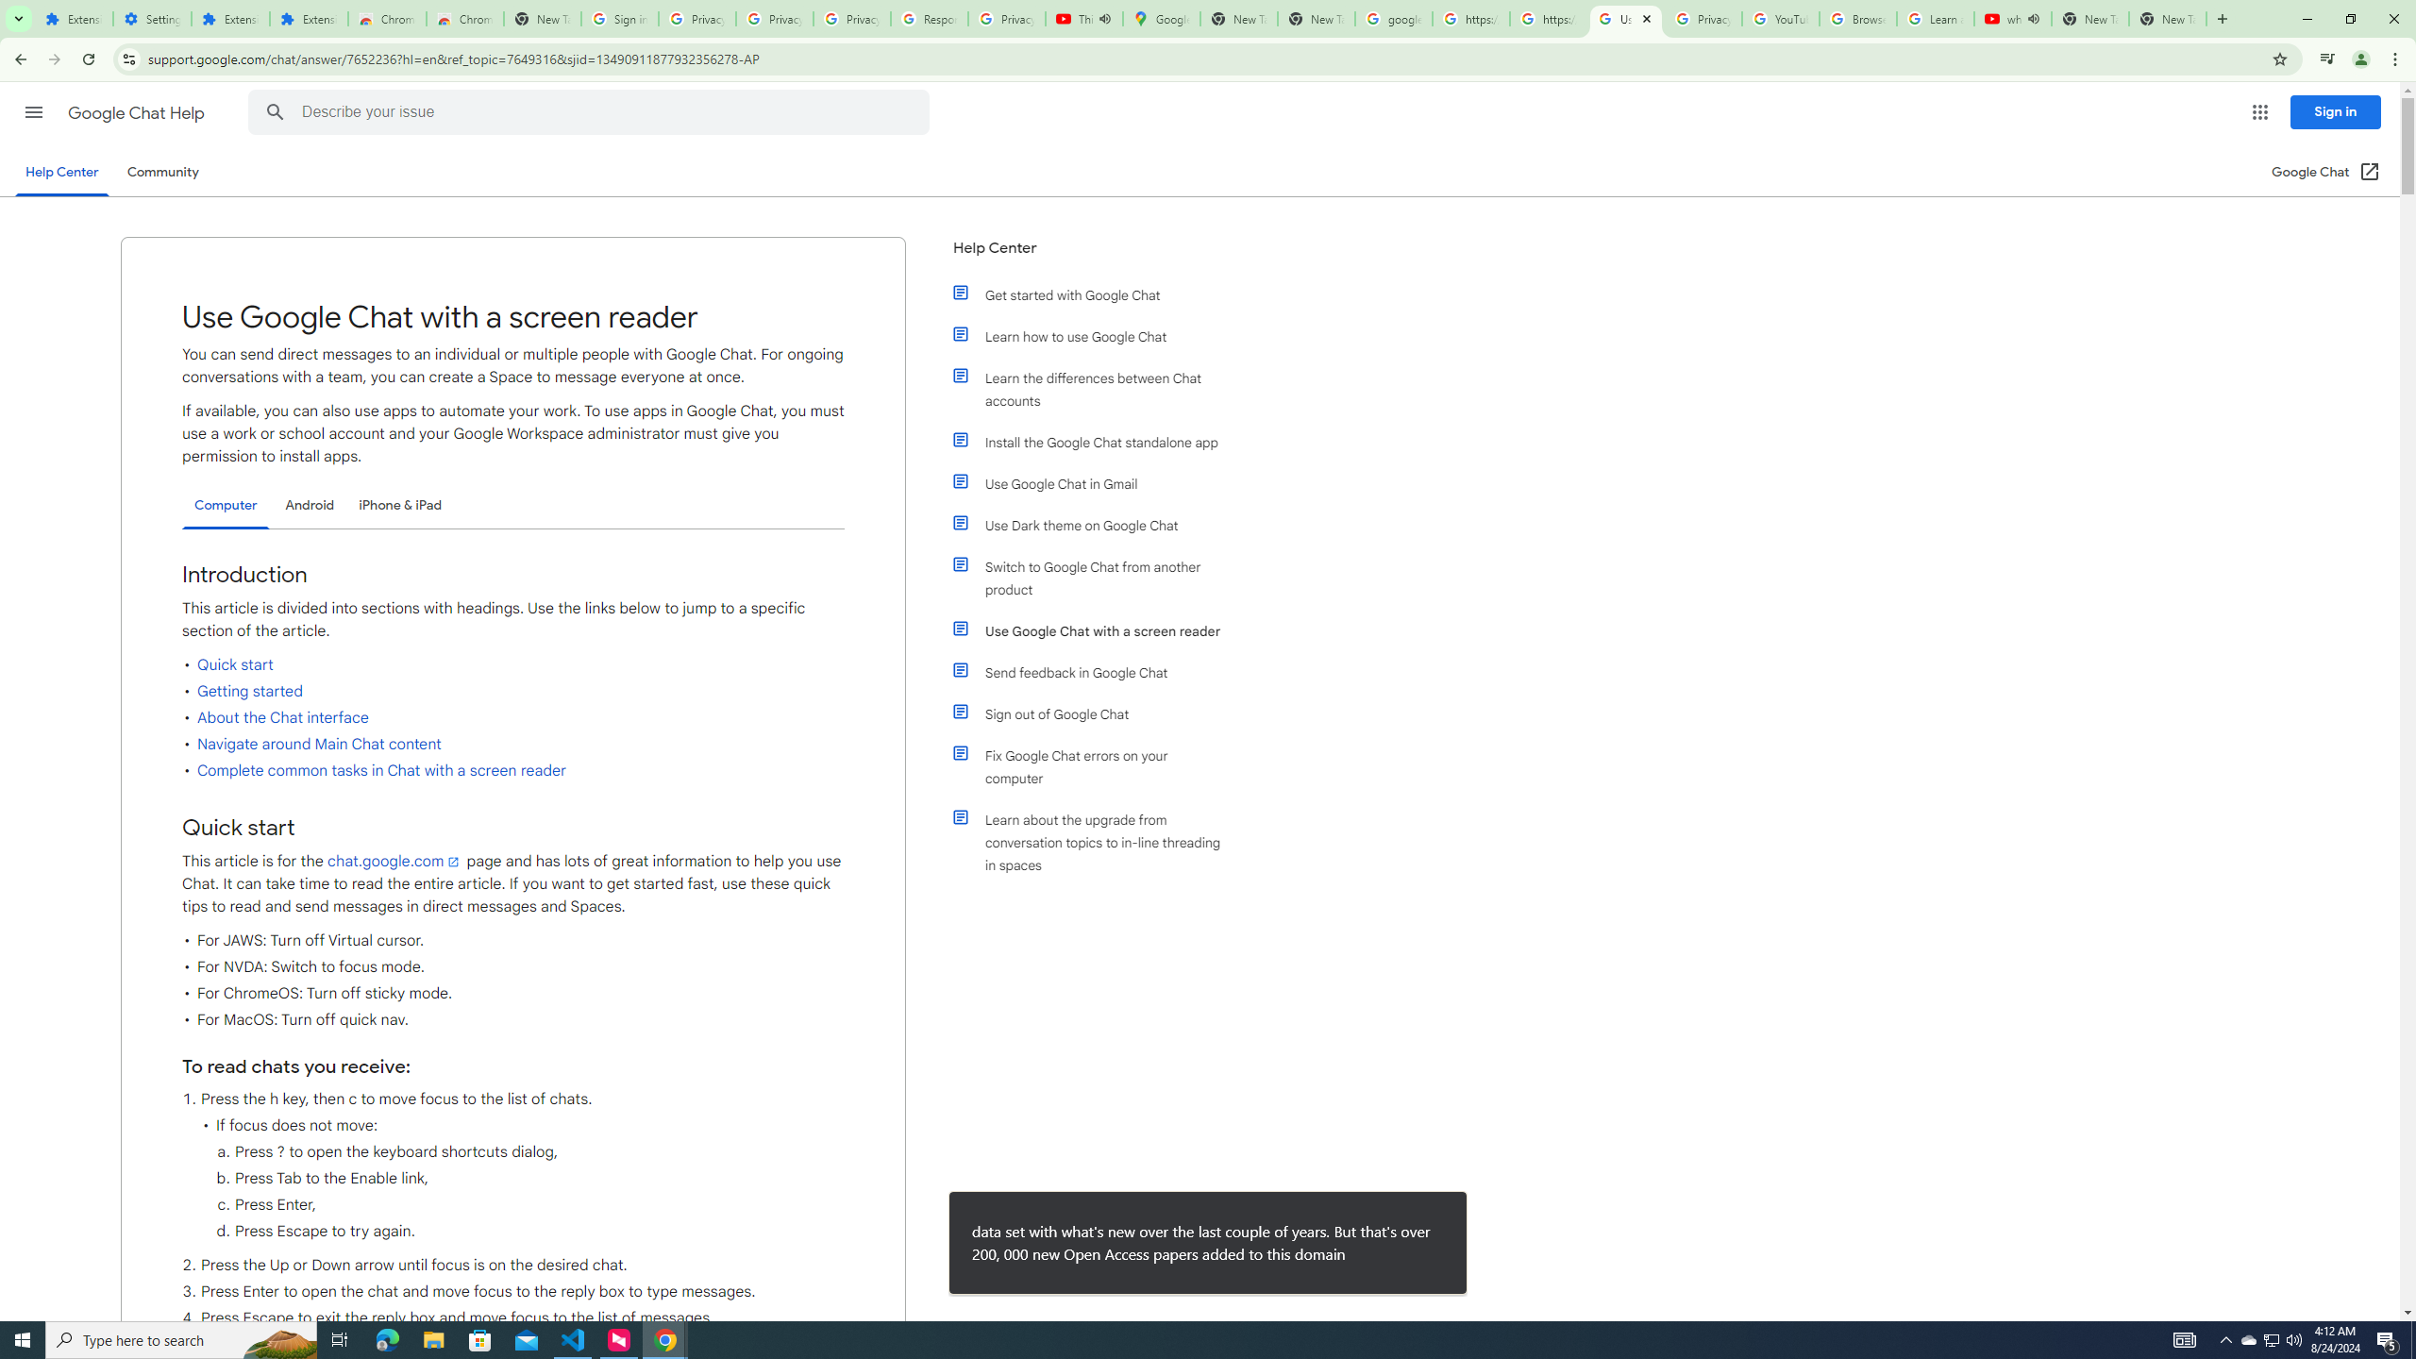 Image resolution: width=2416 pixels, height=1359 pixels. I want to click on 'Fix Google Chat errors on your computer', so click(1097, 765).